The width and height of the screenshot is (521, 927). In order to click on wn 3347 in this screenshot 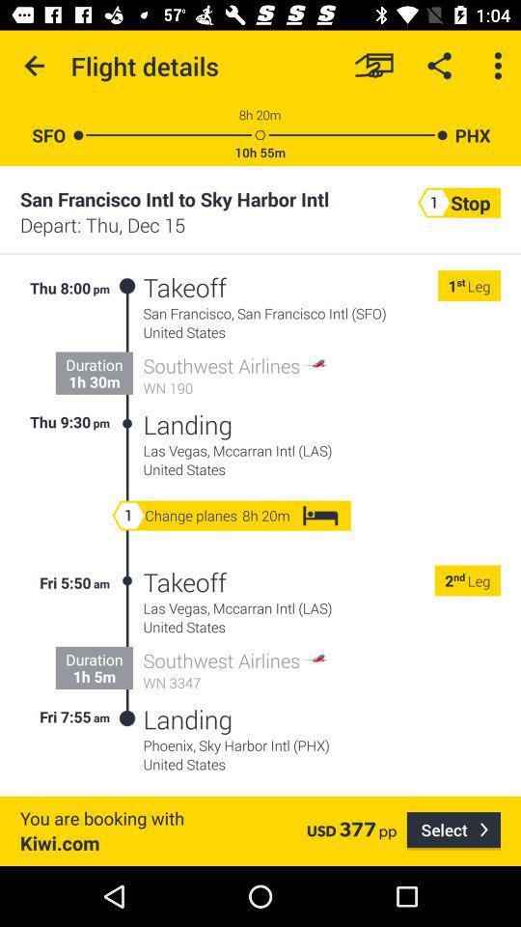, I will do `click(236, 683)`.